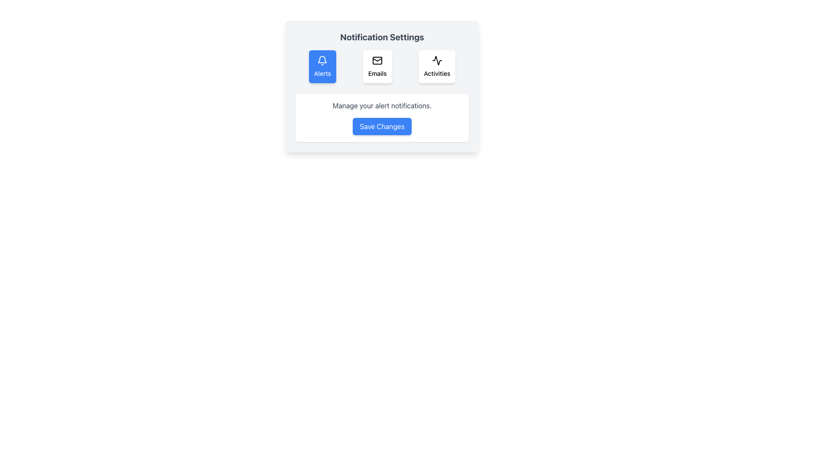  I want to click on the graphical icon representing 'Activities' under 'Notification Settings', which is the third option in a row of three, located to the right of the 'Emails' icon, so click(437, 60).